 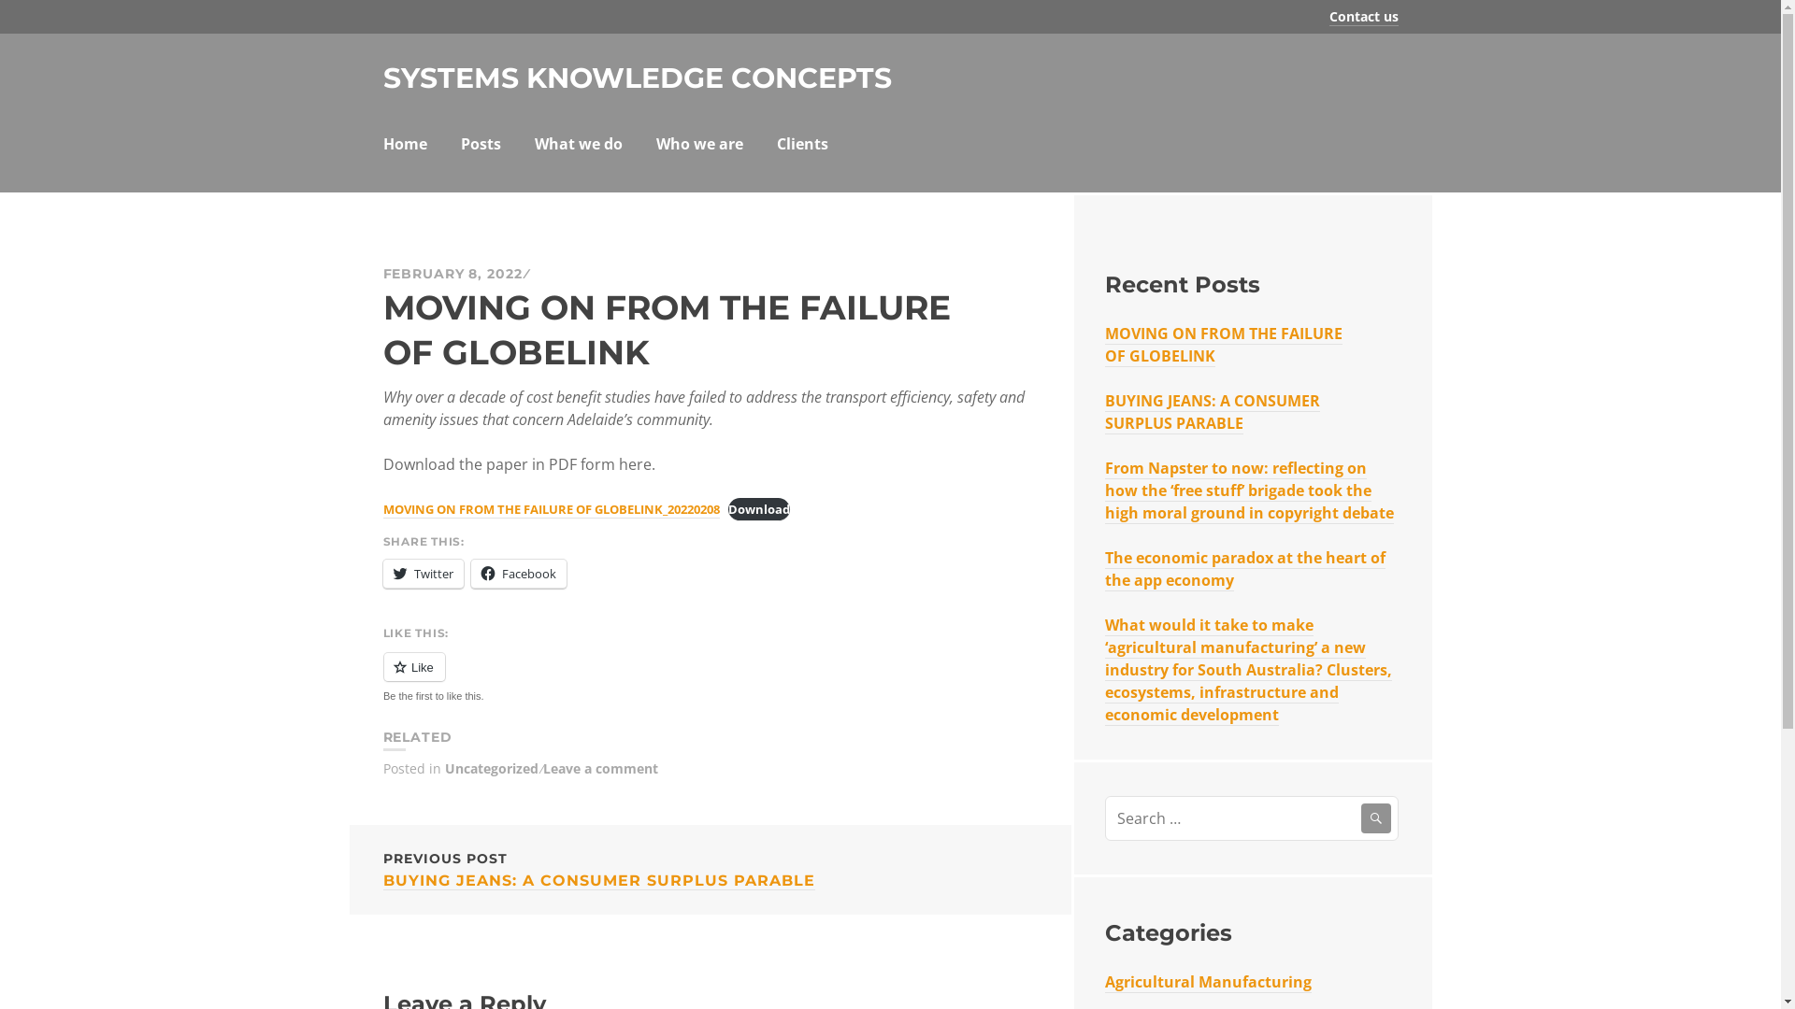 I want to click on 'Contact us', so click(x=1364, y=17).